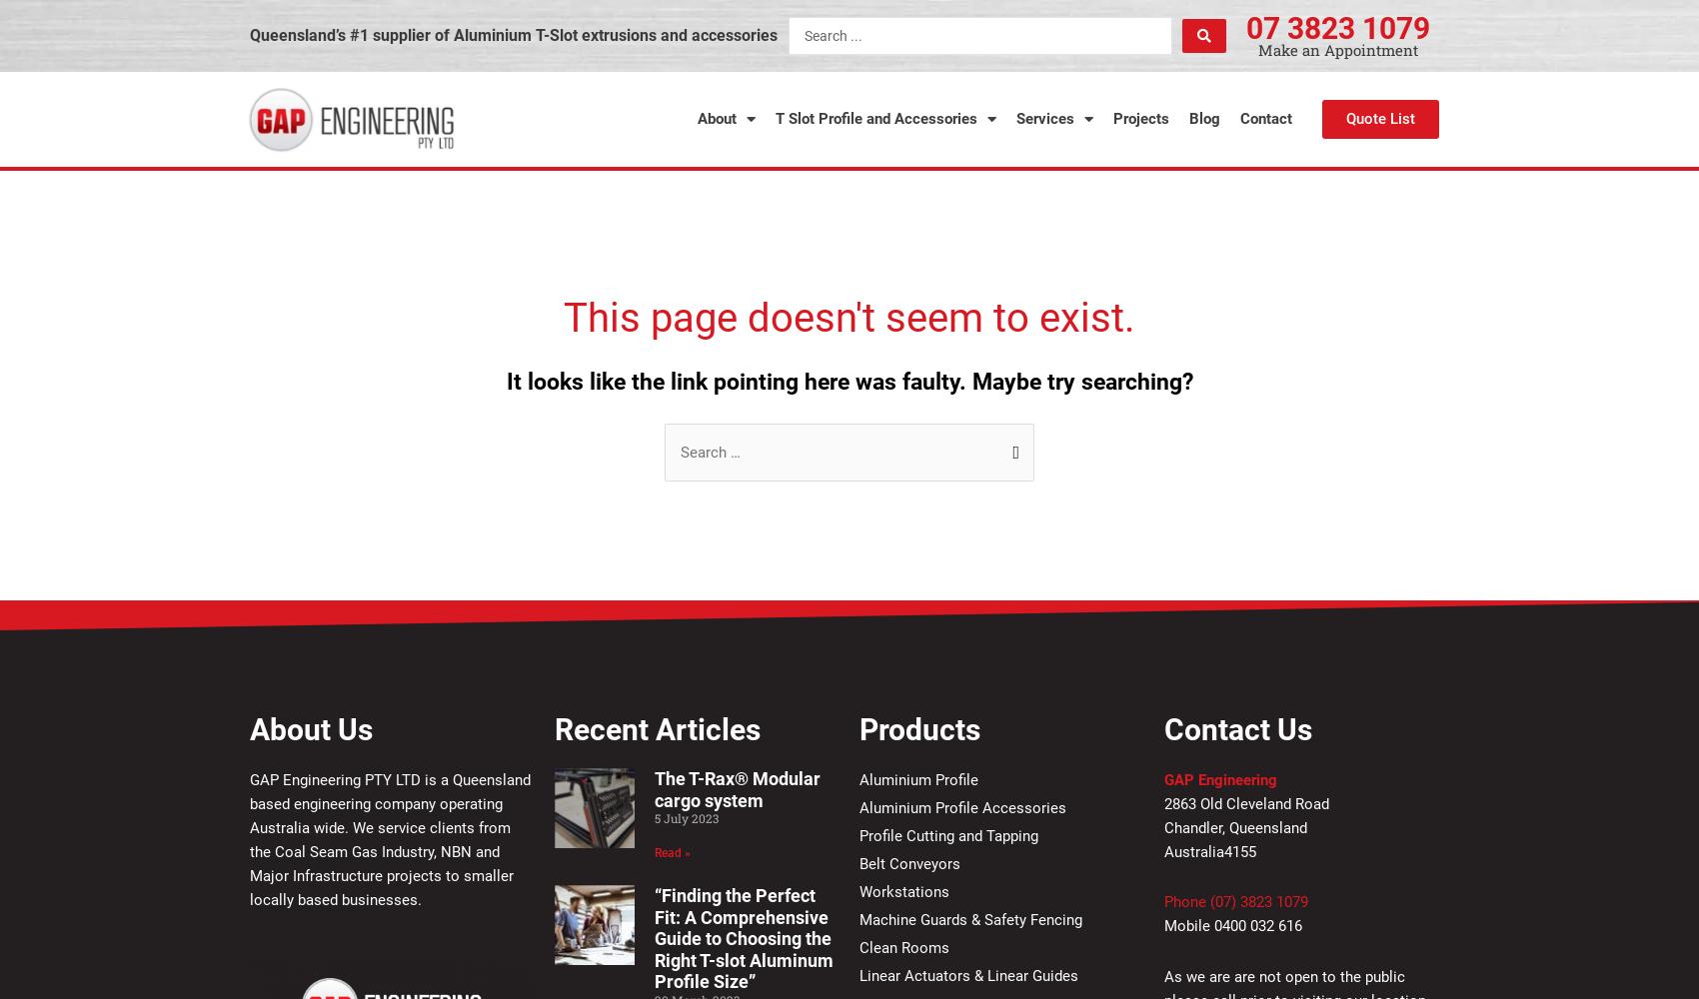 This screenshot has width=1699, height=999. I want to click on '5 July 2023', so click(685, 817).